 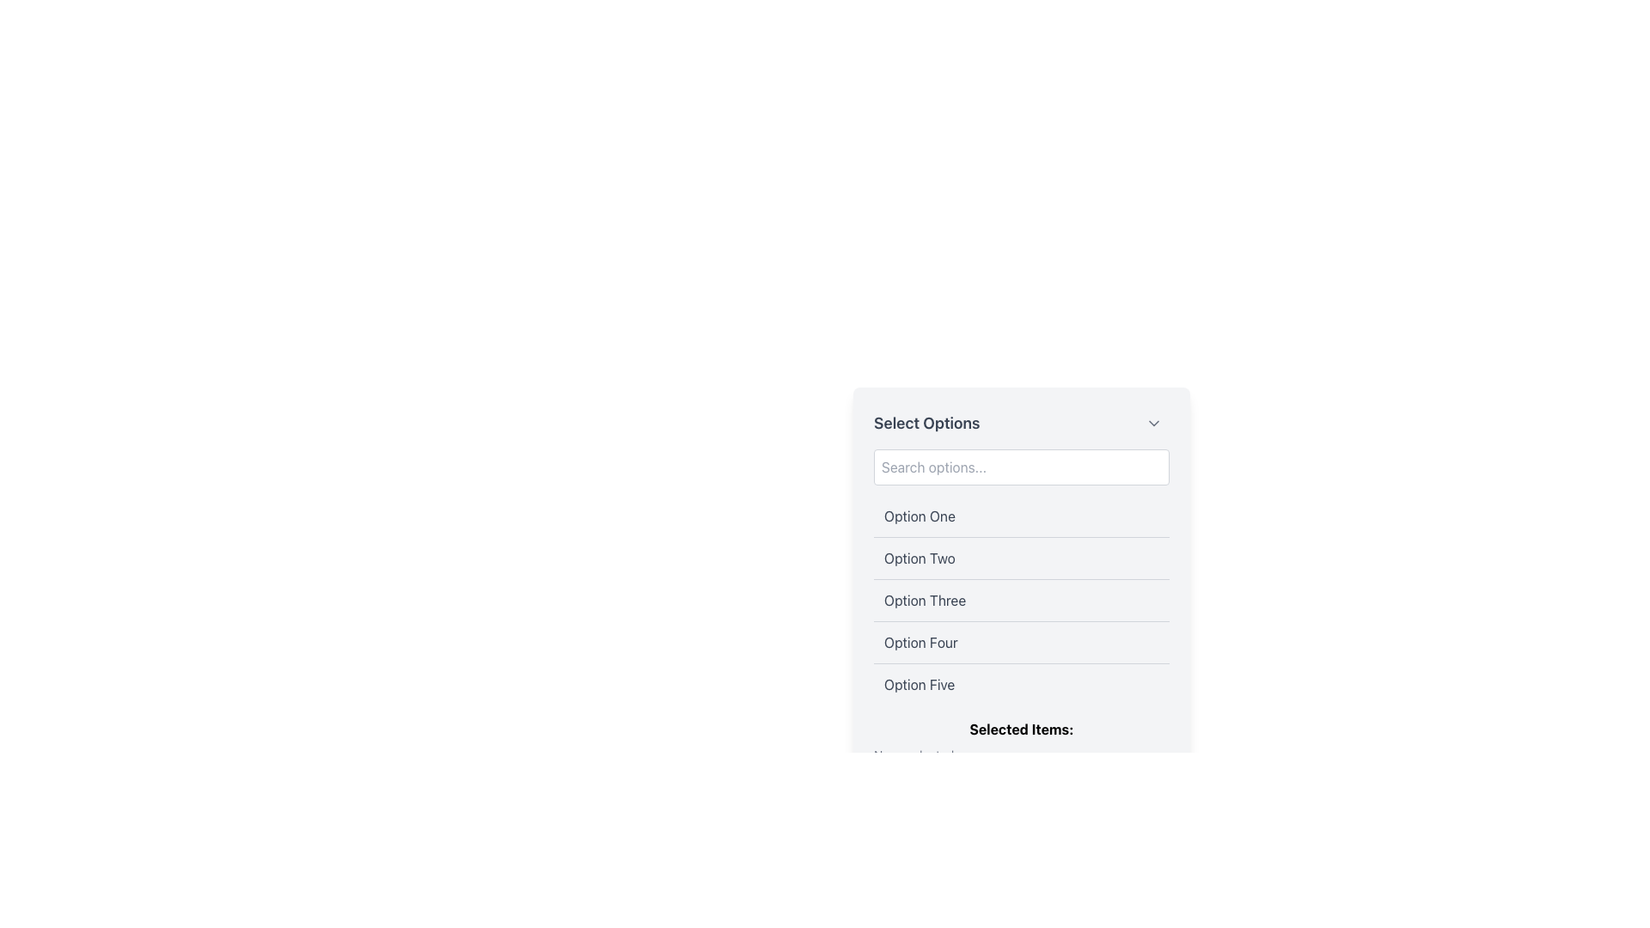 What do you see at coordinates (1022, 516) in the screenshot?
I see `the first list item labeled 'Option One' in the dropdown menu` at bounding box center [1022, 516].